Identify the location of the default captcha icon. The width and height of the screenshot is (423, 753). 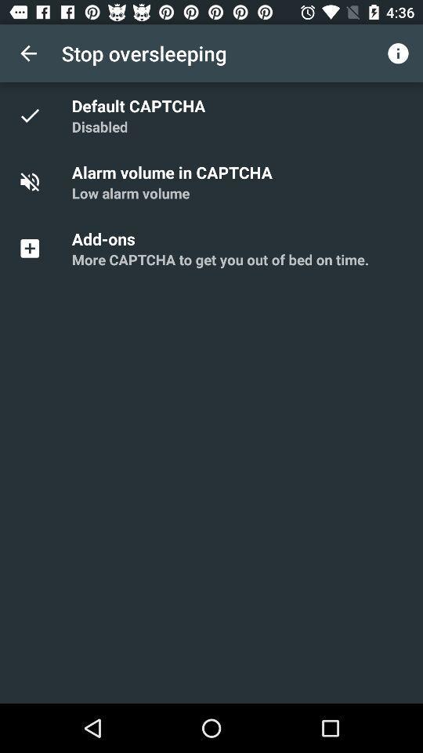
(141, 104).